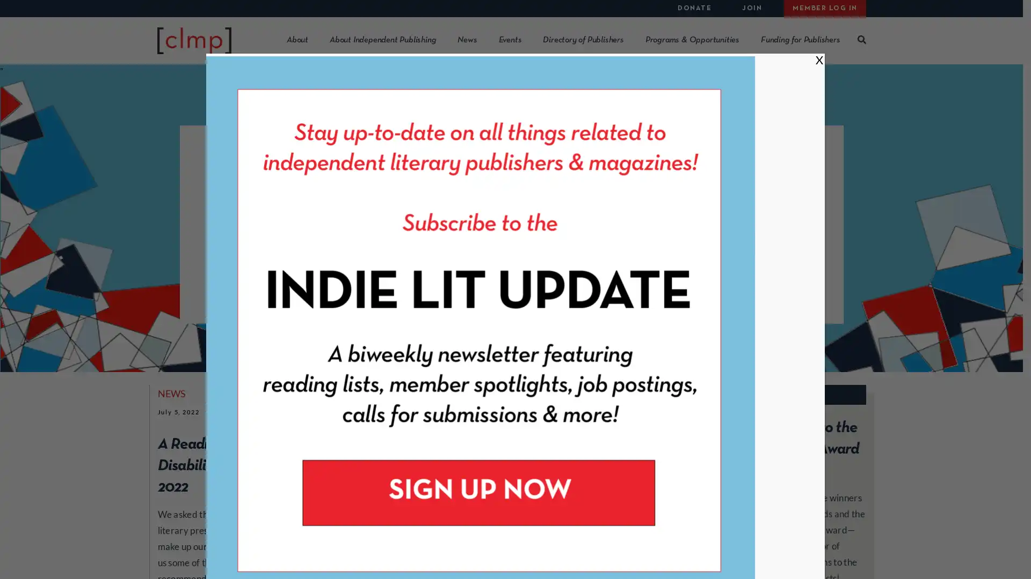 This screenshot has height=579, width=1031. What do you see at coordinates (665, 231) in the screenshot?
I see `About` at bounding box center [665, 231].